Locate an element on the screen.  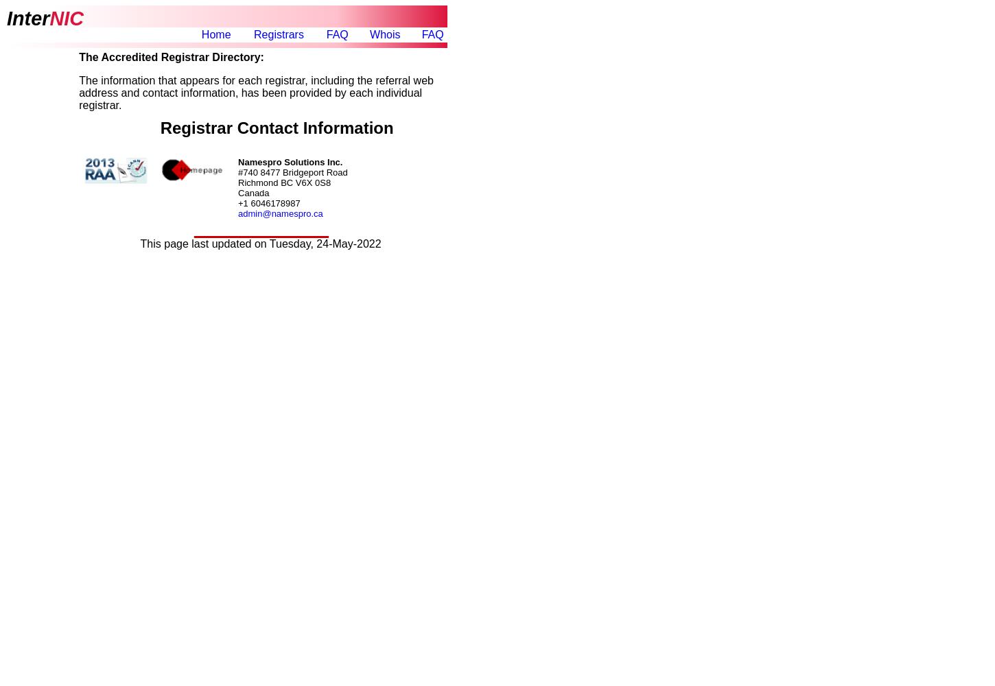
'NIC' is located at coordinates (49, 18).